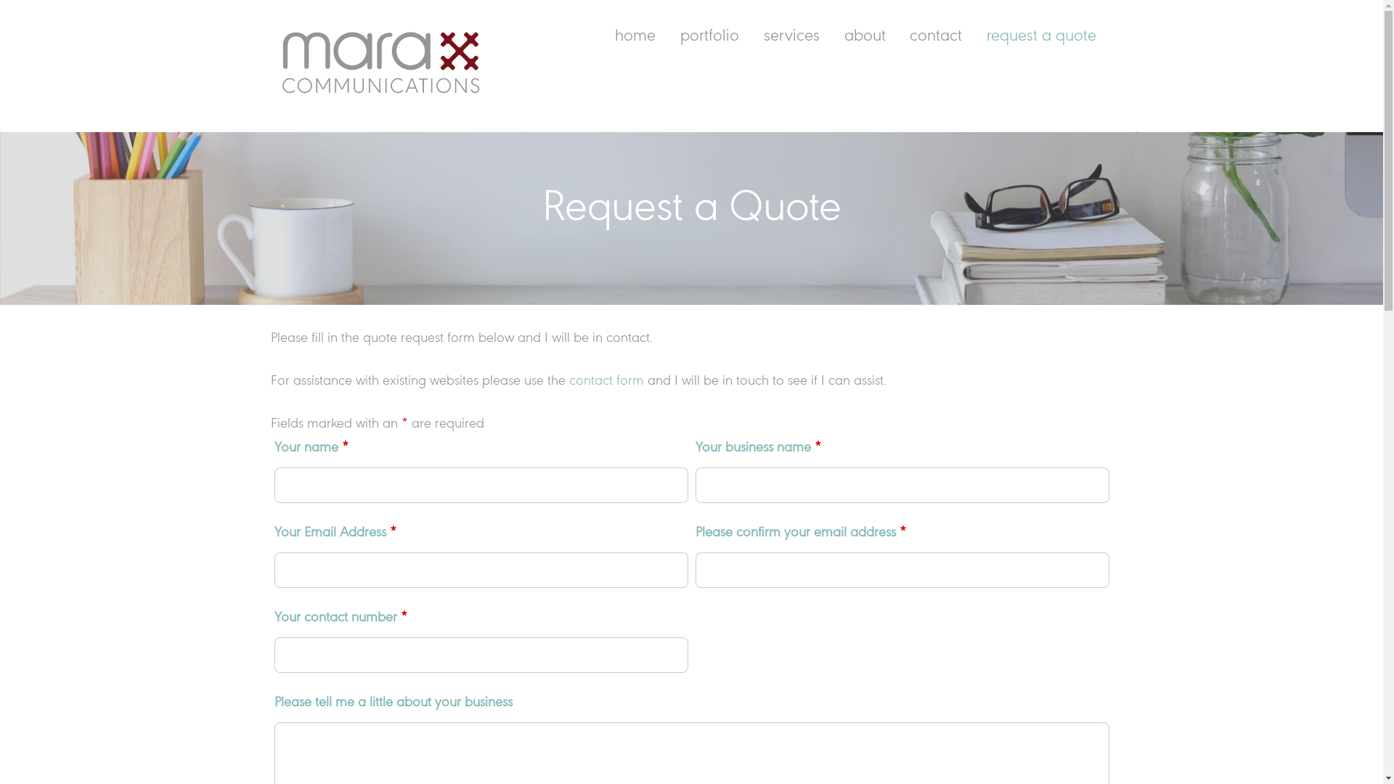  I want to click on 'portfolio', so click(710, 36).